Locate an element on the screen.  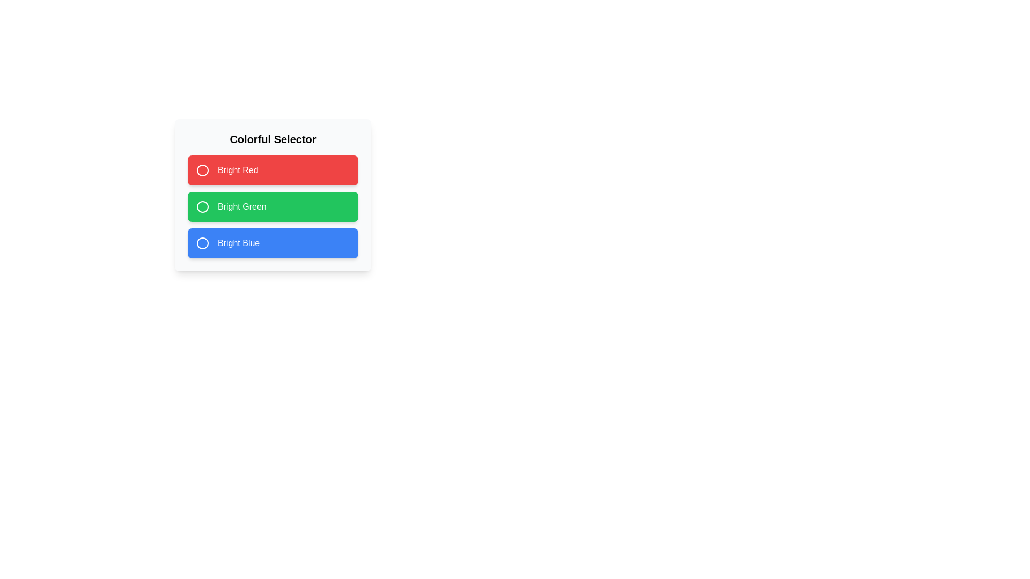
the circular icon that represents the selection component for the 'Bright Blue' option, located at the bottom of the three color options in the vertical list is located at coordinates (203, 243).